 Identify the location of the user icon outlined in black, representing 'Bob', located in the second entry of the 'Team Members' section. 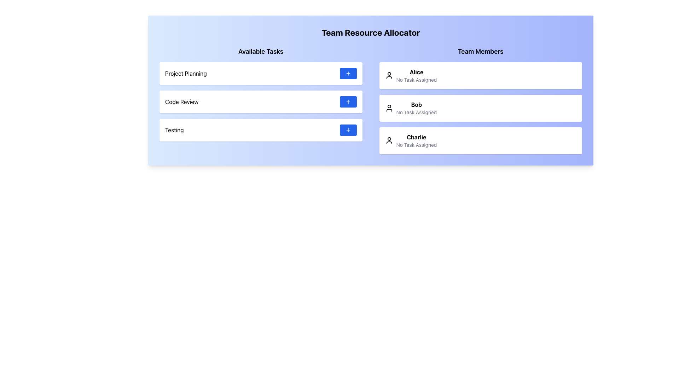
(389, 108).